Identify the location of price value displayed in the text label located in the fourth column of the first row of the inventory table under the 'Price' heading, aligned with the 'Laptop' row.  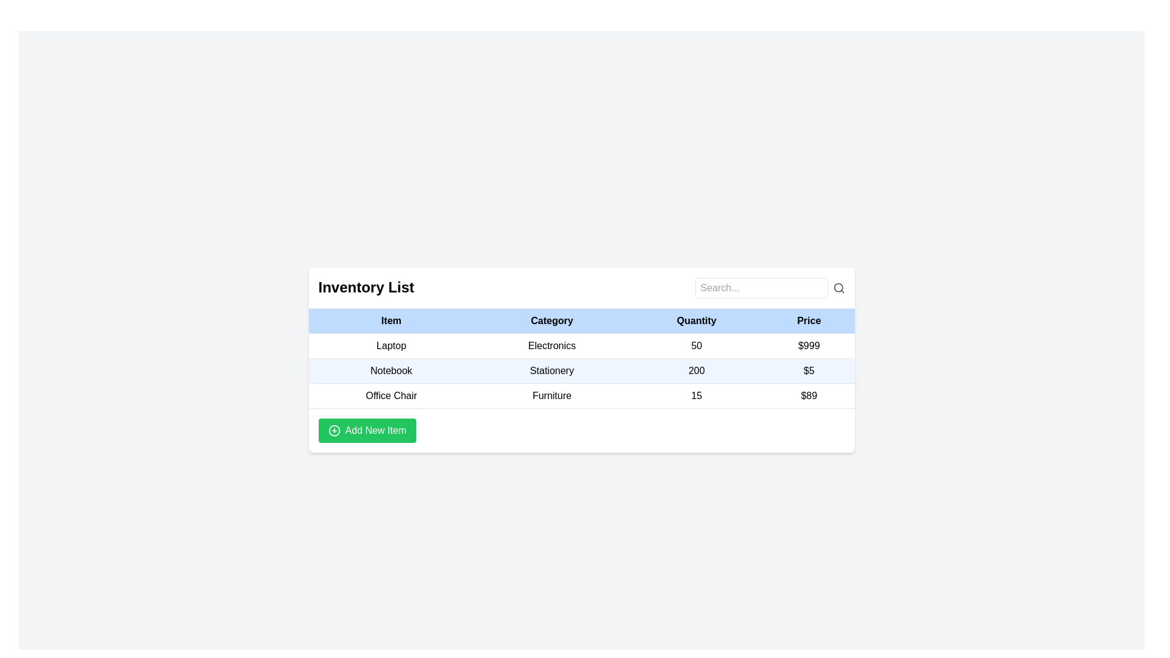
(809, 345).